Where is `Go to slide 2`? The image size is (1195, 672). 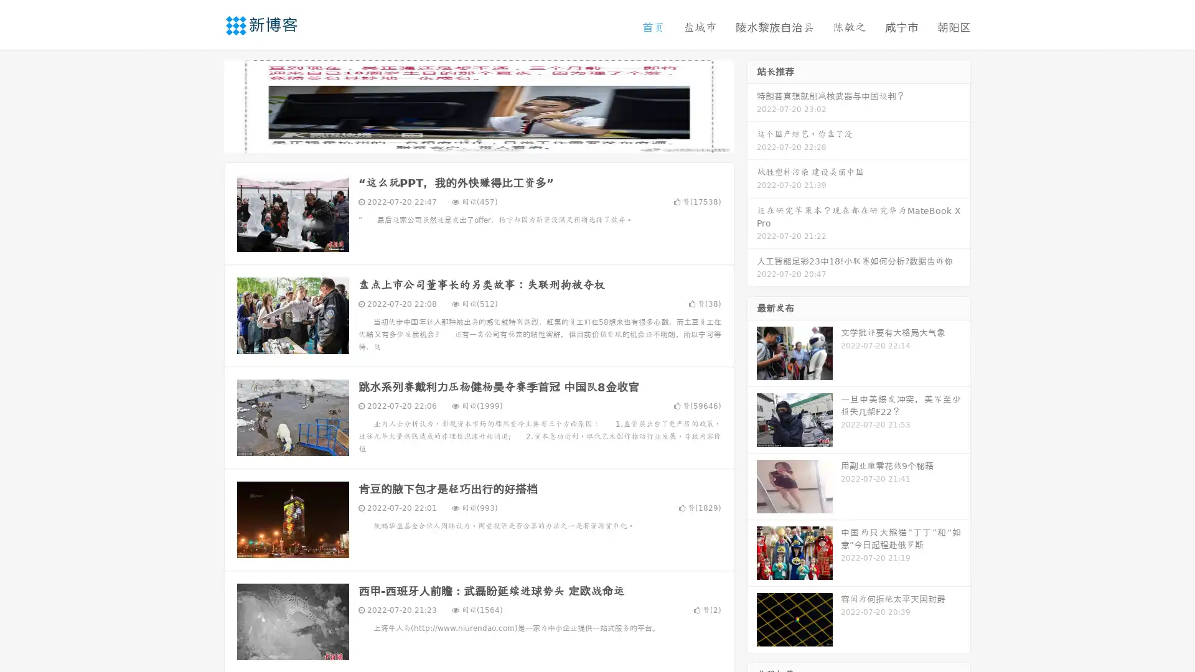 Go to slide 2 is located at coordinates (478, 140).